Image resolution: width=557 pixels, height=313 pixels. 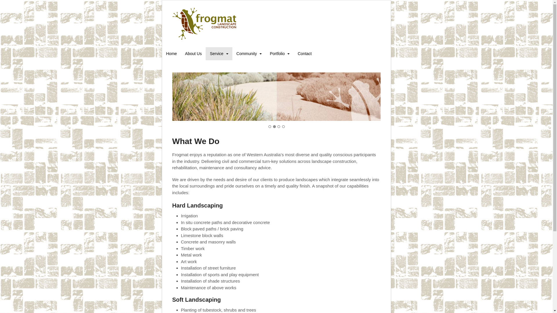 I want to click on 'Community', so click(x=249, y=54).